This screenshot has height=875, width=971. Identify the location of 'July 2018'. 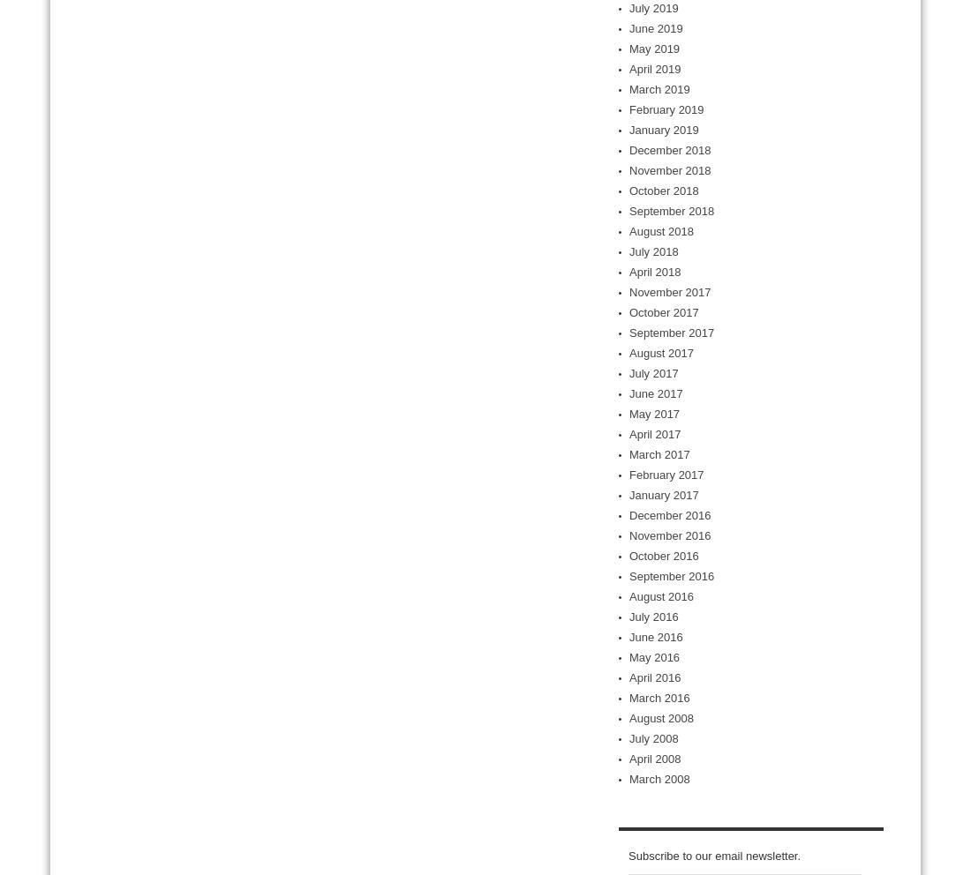
(652, 251).